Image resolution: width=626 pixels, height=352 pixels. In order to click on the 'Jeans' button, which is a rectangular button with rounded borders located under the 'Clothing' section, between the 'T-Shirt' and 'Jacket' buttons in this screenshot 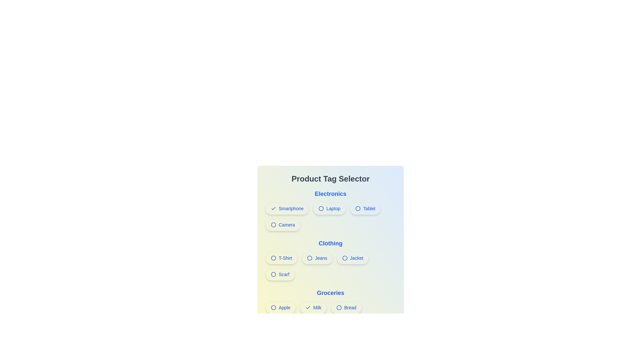, I will do `click(330, 259)`.